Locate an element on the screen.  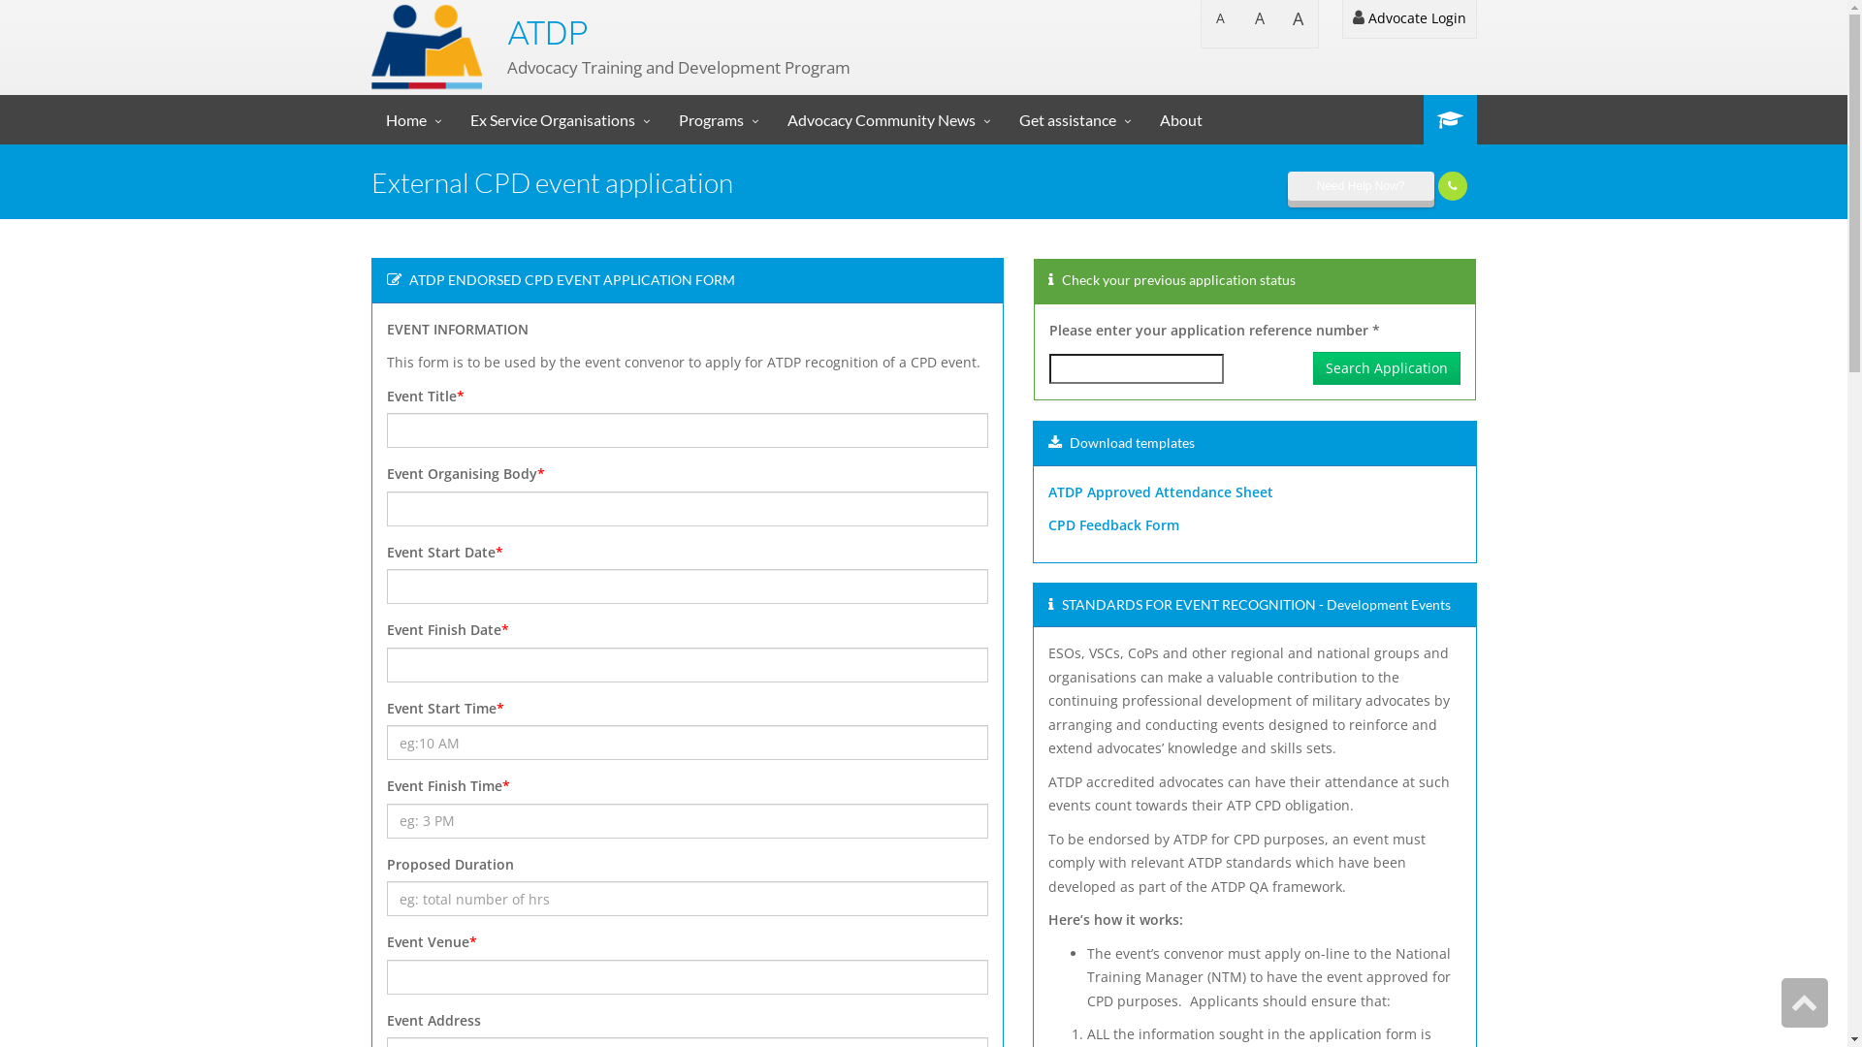
'About' is located at coordinates (1179, 119).